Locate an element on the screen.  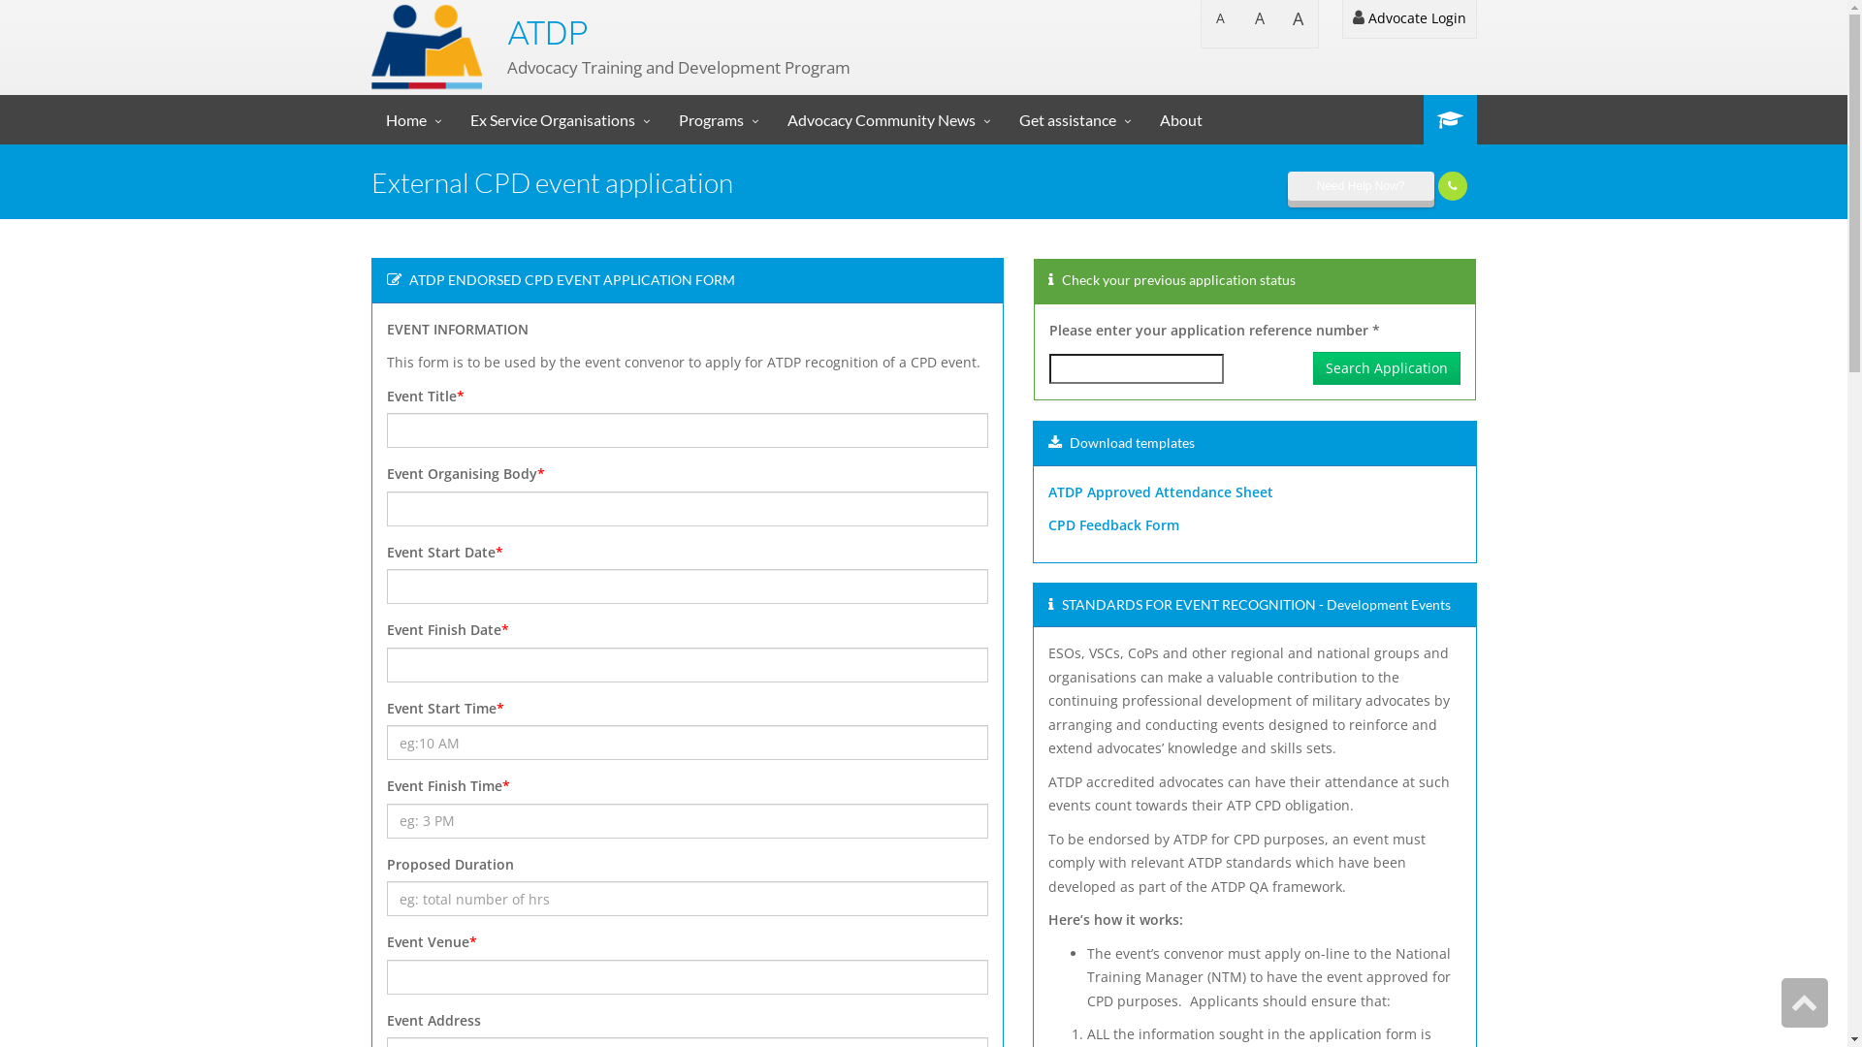
'About' is located at coordinates (1179, 119).